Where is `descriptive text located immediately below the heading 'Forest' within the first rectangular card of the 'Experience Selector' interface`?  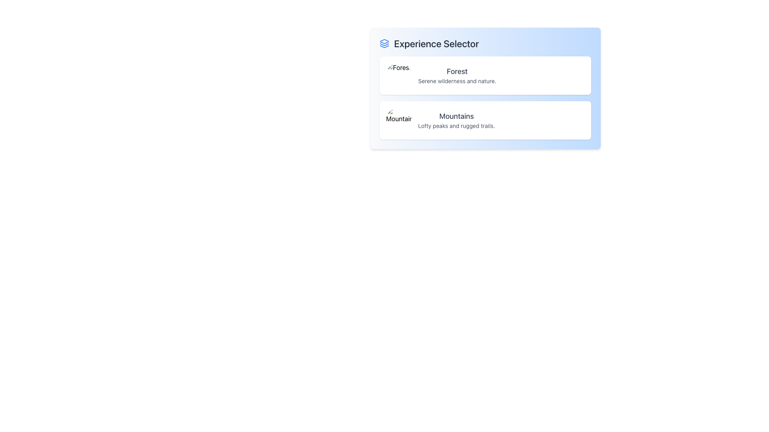
descriptive text located immediately below the heading 'Forest' within the first rectangular card of the 'Experience Selector' interface is located at coordinates (457, 81).